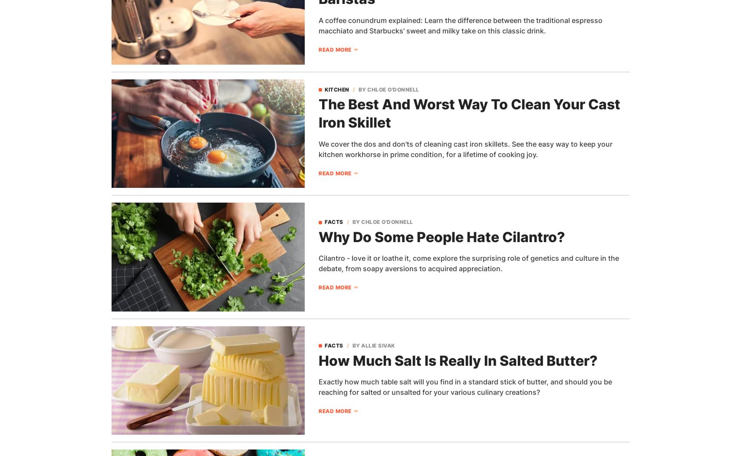 The width and height of the screenshot is (741, 456). What do you see at coordinates (464, 387) in the screenshot?
I see `'Exactly how much table salt will you find in a standard stick of butter, and should you be reaching for salted or unsalted for your various culinary creations?'` at bounding box center [464, 387].